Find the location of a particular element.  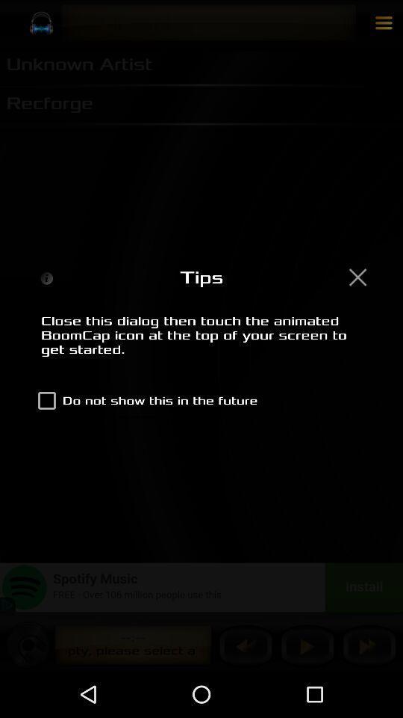

icon below close this dialog is located at coordinates (144, 399).